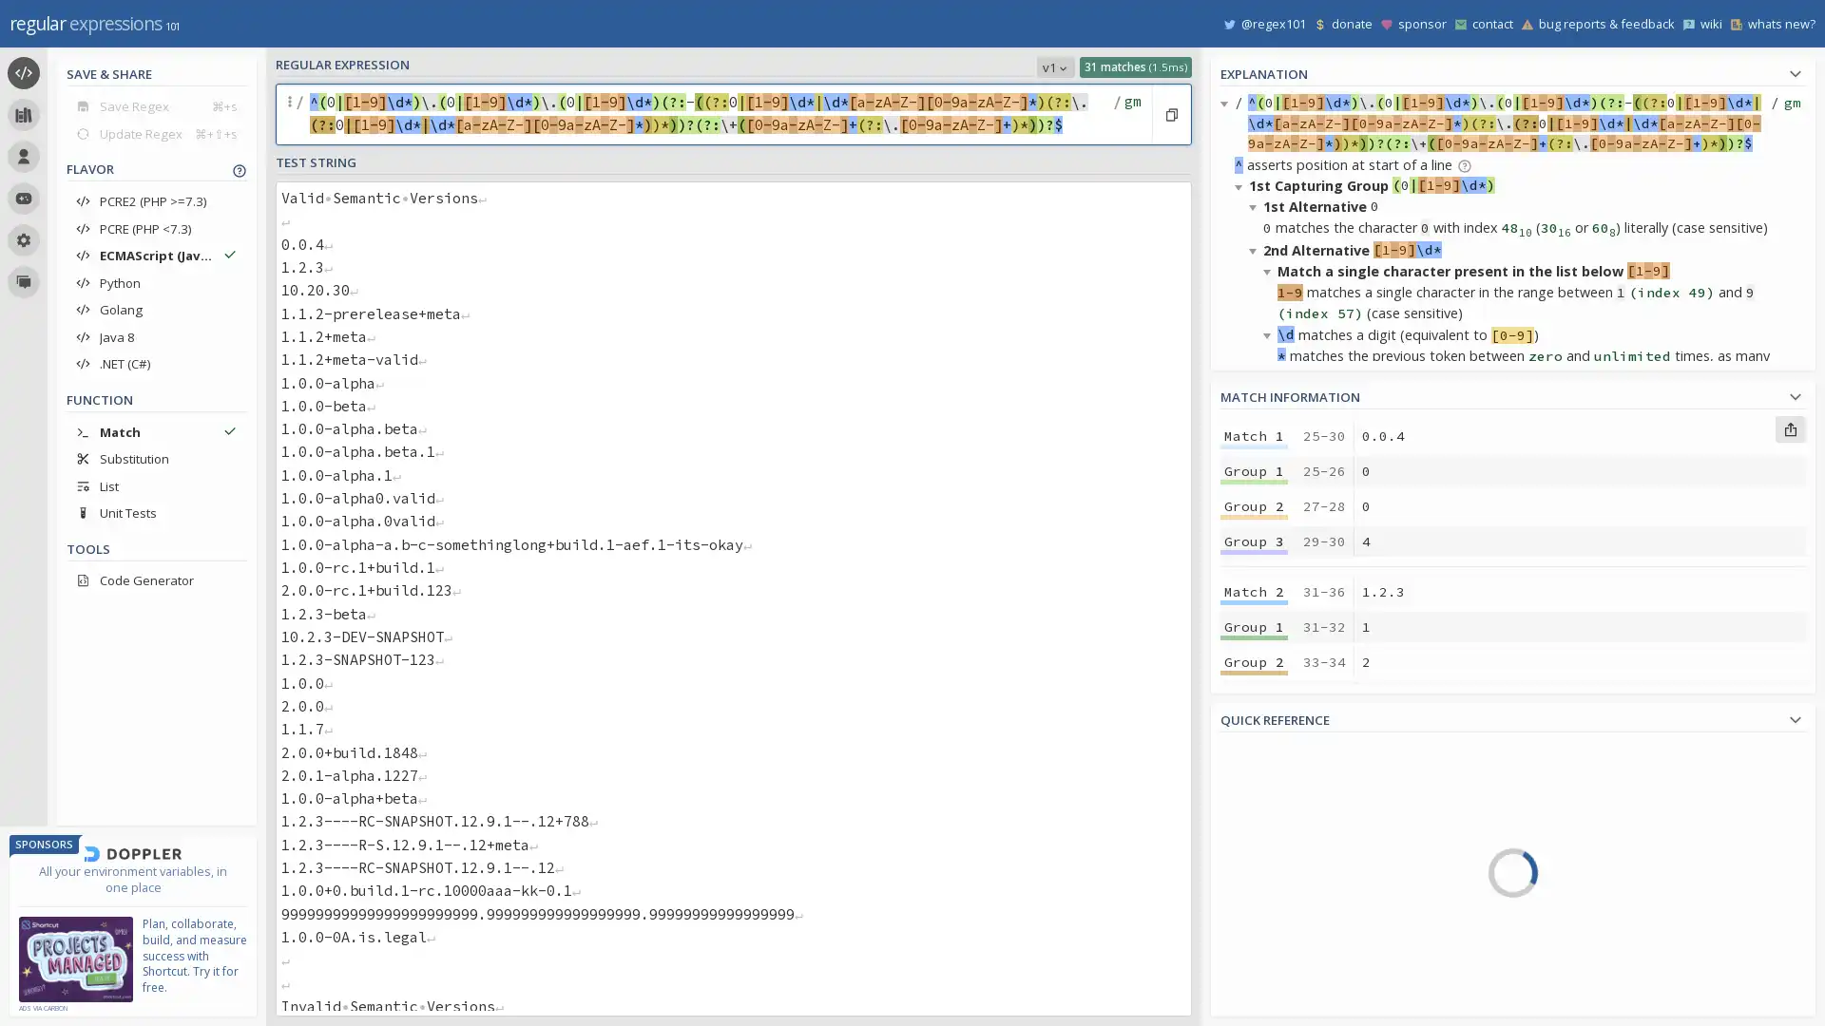  Describe the element at coordinates (156, 431) in the screenshot. I see `Match` at that location.